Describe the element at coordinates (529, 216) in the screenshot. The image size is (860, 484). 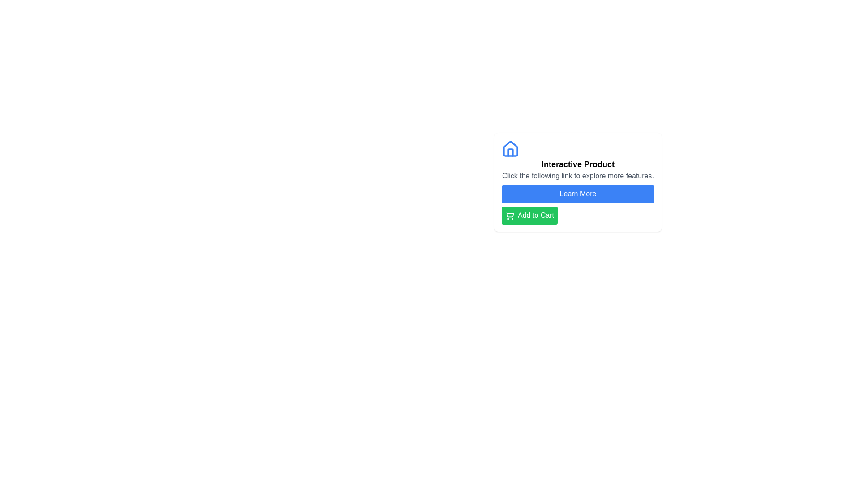
I see `the 'Add to Cart' button, which is a green rectangular button with rounded corners and white text, positioned below the 'Learn More' button` at that location.